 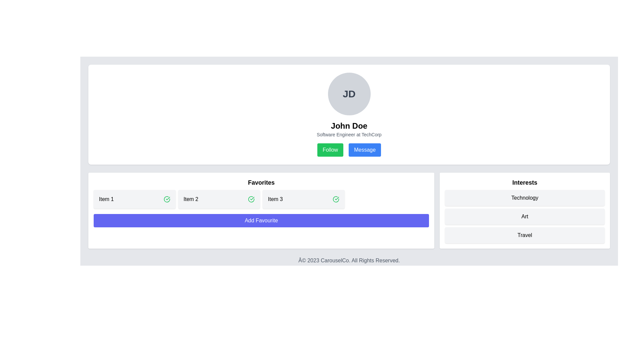 I want to click on the circular green checkmark icon located in the upper-right corner of the card containing 'Item 2' to indicate a successful action, so click(x=251, y=199).